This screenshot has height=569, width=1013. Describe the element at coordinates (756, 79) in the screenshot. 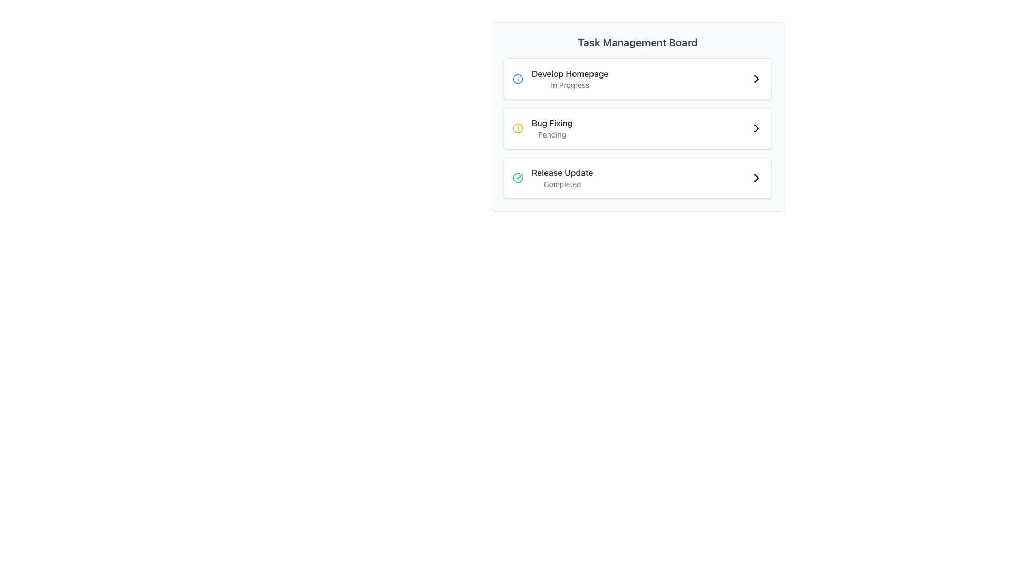

I see `the right-facing chevron icon associated with the 'Develop Homepage' task` at that location.